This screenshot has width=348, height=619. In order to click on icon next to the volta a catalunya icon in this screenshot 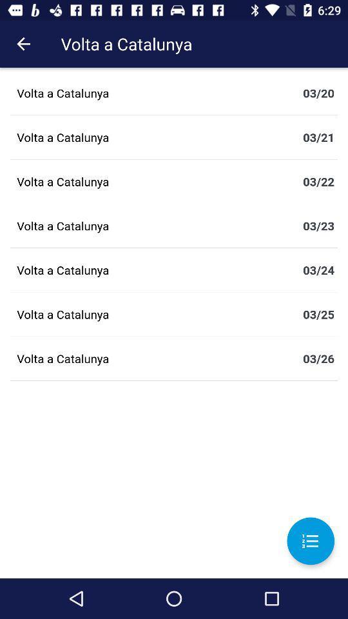, I will do `click(23, 44)`.